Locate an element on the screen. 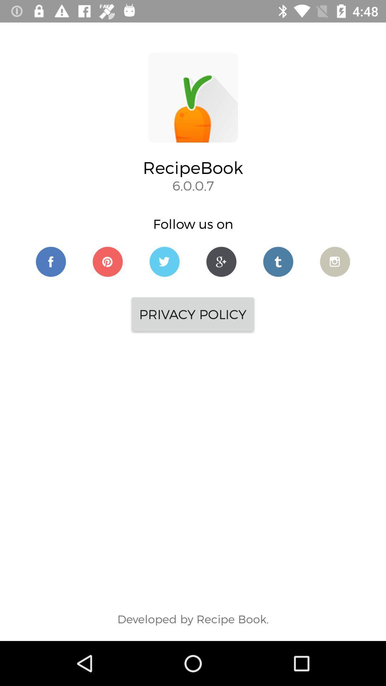 The width and height of the screenshot is (386, 686). follow on pinterest is located at coordinates (108, 261).